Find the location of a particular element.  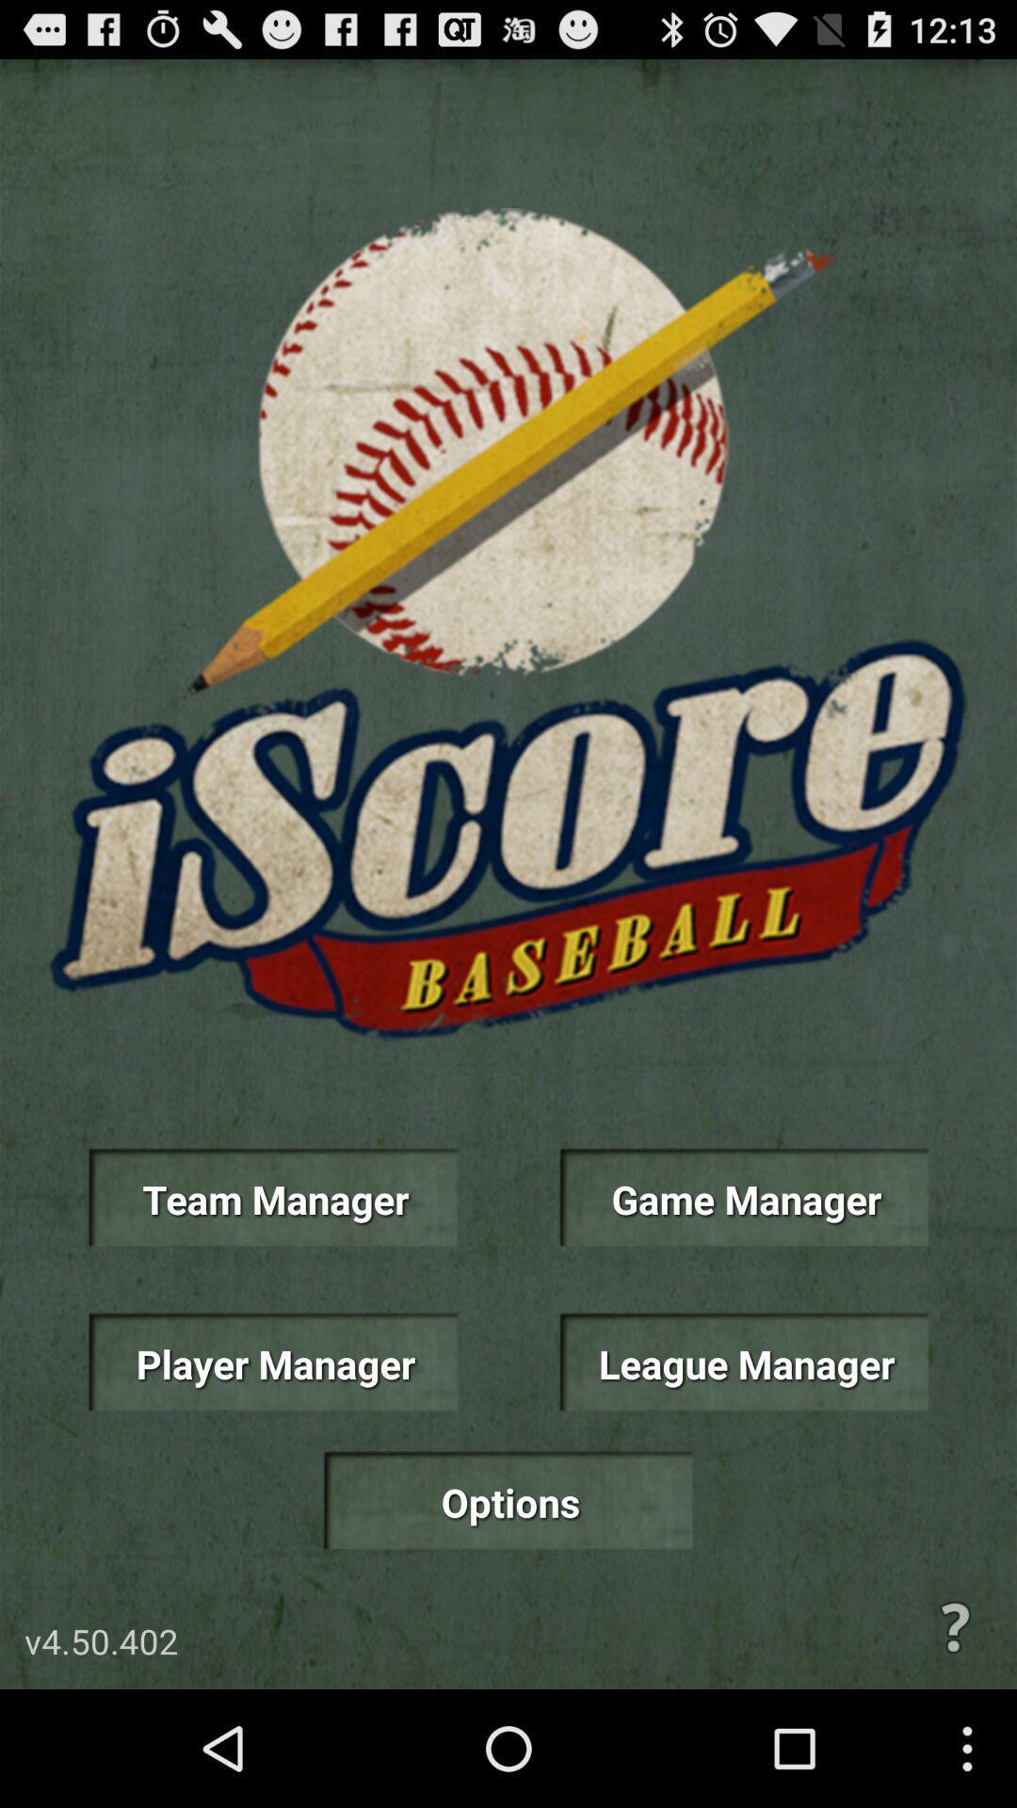

the item at the bottom is located at coordinates (507, 1499).